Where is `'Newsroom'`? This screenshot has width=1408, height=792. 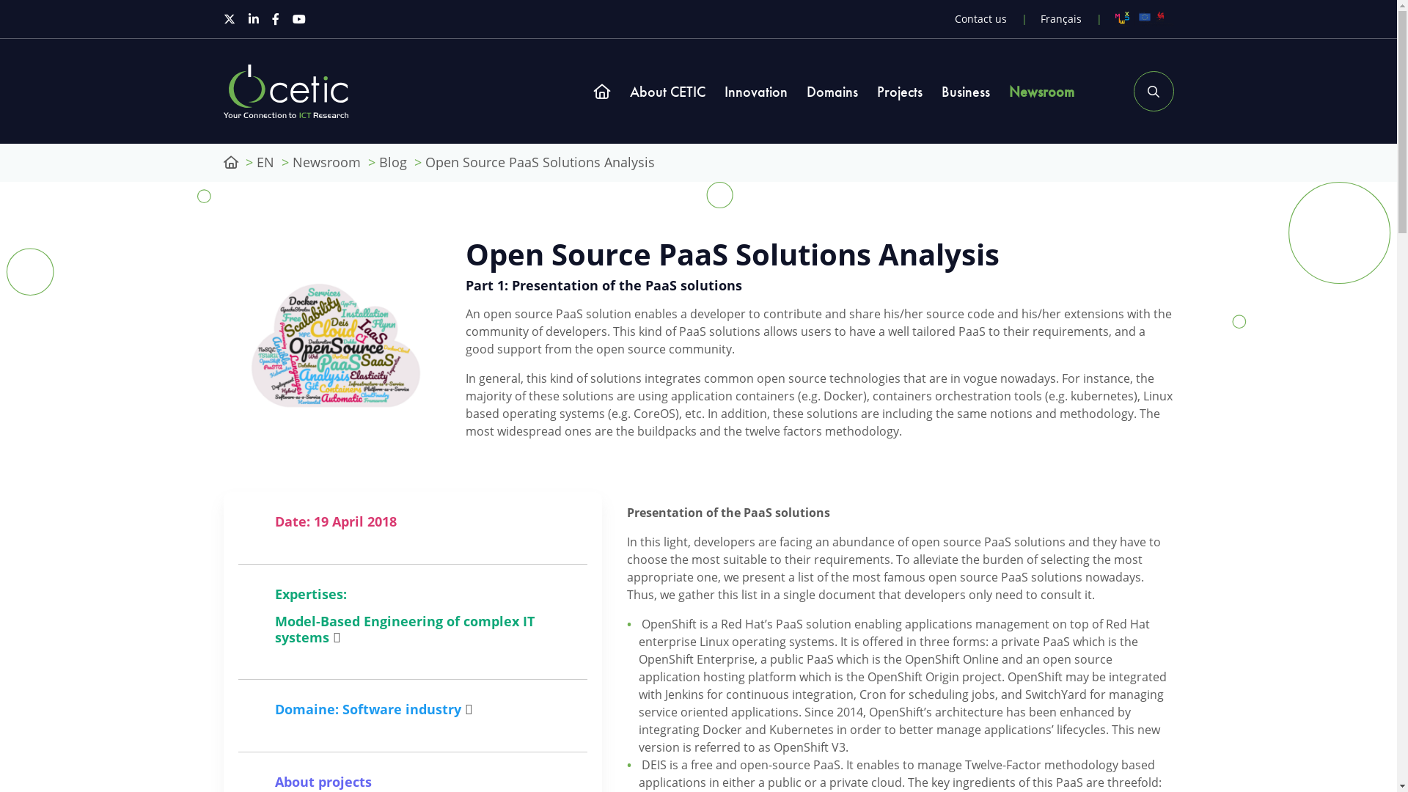 'Newsroom' is located at coordinates (325, 162).